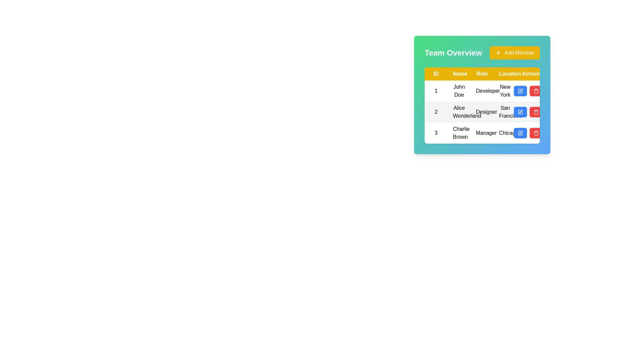 The width and height of the screenshot is (632, 355). What do you see at coordinates (436, 133) in the screenshot?
I see `the static text label representing the third entry in the table under the 'ID' column, which identifies 'Charlie Brown'` at bounding box center [436, 133].